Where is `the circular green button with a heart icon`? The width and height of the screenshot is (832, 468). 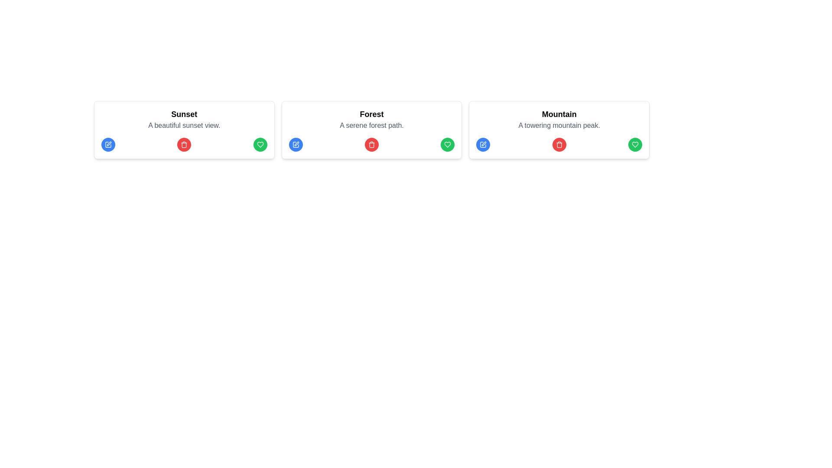 the circular green button with a heart icon is located at coordinates (448, 144).